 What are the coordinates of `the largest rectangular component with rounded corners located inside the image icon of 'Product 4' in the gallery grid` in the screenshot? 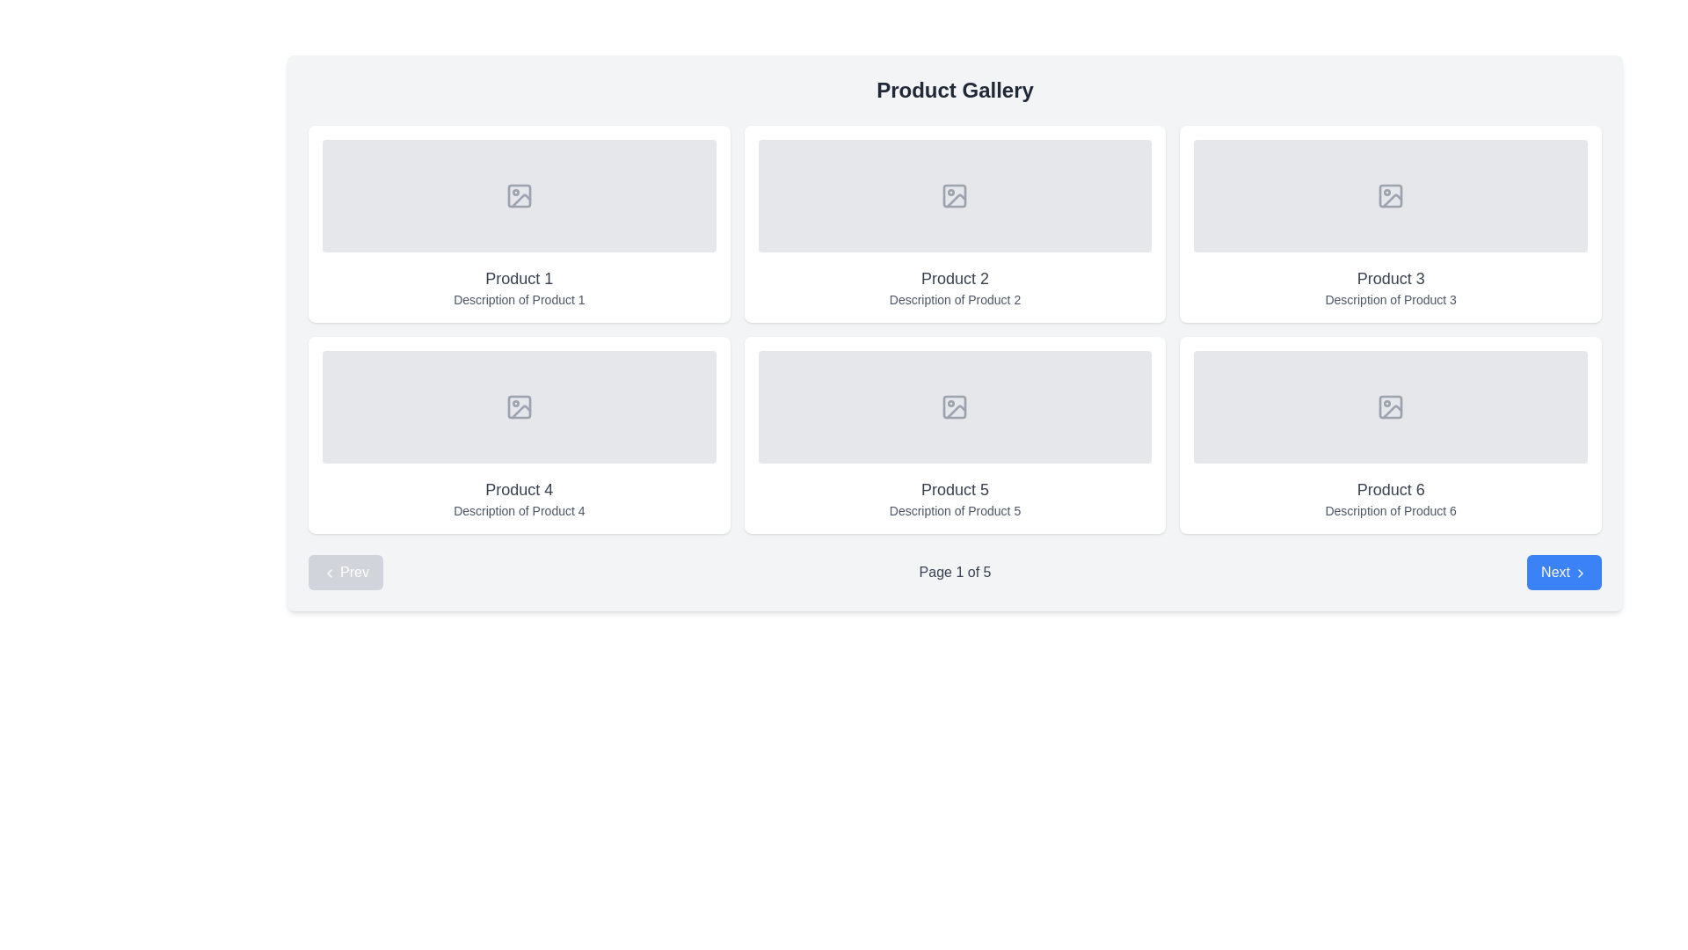 It's located at (518, 406).